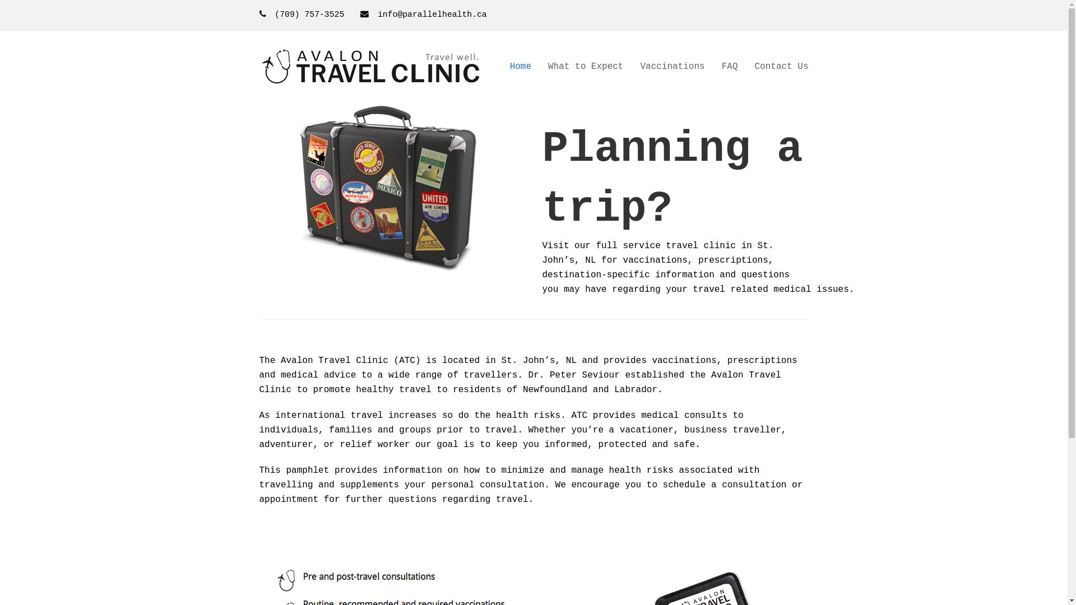  Describe the element at coordinates (585, 67) in the screenshot. I see `'What to Expect'` at that location.